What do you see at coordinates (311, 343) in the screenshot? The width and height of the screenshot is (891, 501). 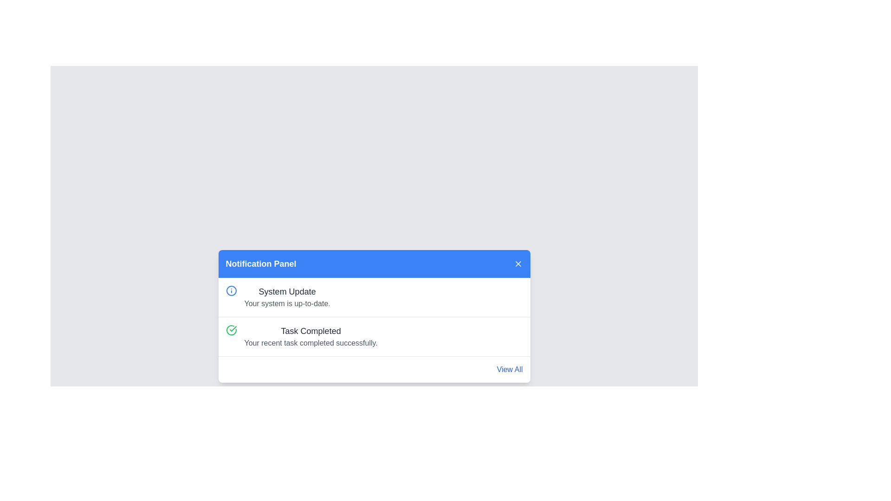 I see `message displayed in the text block that shows 'Your recent task completed successfully.' located in the lower portion of the 'Task Completed' notification panel` at bounding box center [311, 343].